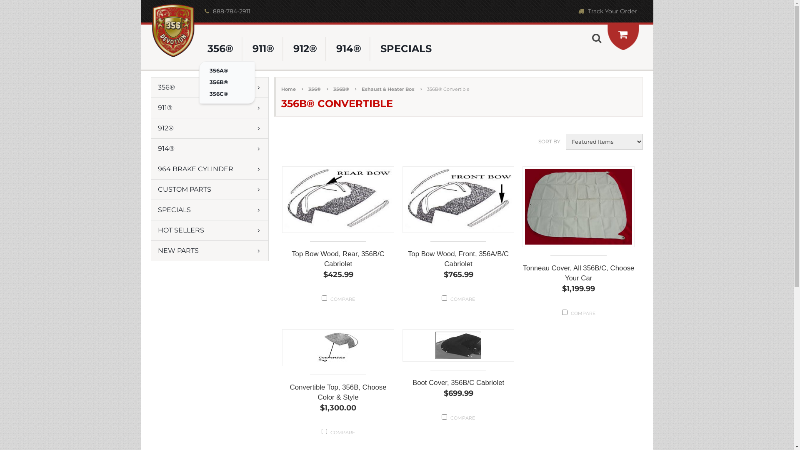 The image size is (800, 450). I want to click on 'HOT SELLERS', so click(210, 230).